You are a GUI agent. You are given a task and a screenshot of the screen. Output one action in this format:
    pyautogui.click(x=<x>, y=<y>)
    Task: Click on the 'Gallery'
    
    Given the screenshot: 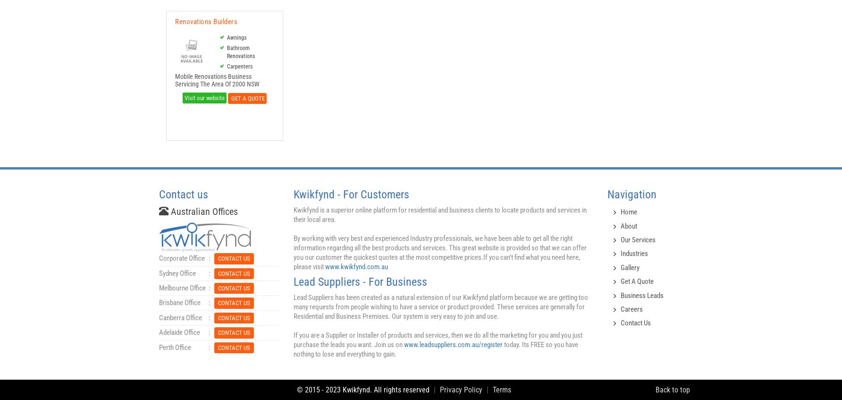 What is the action you would take?
    pyautogui.click(x=620, y=267)
    